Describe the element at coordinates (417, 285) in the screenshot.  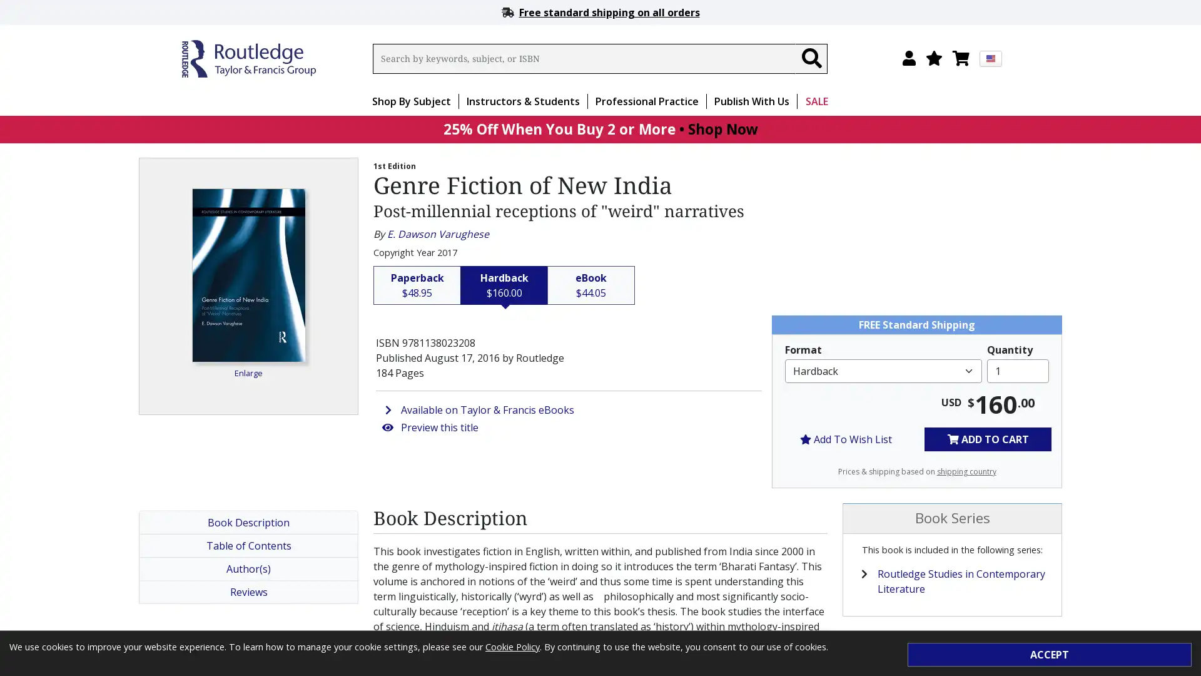
I see `Paperback $48.95` at that location.